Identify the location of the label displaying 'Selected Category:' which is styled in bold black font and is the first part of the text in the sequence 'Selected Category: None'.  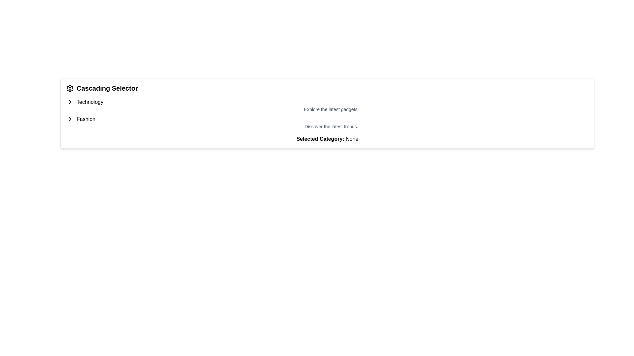
(320, 138).